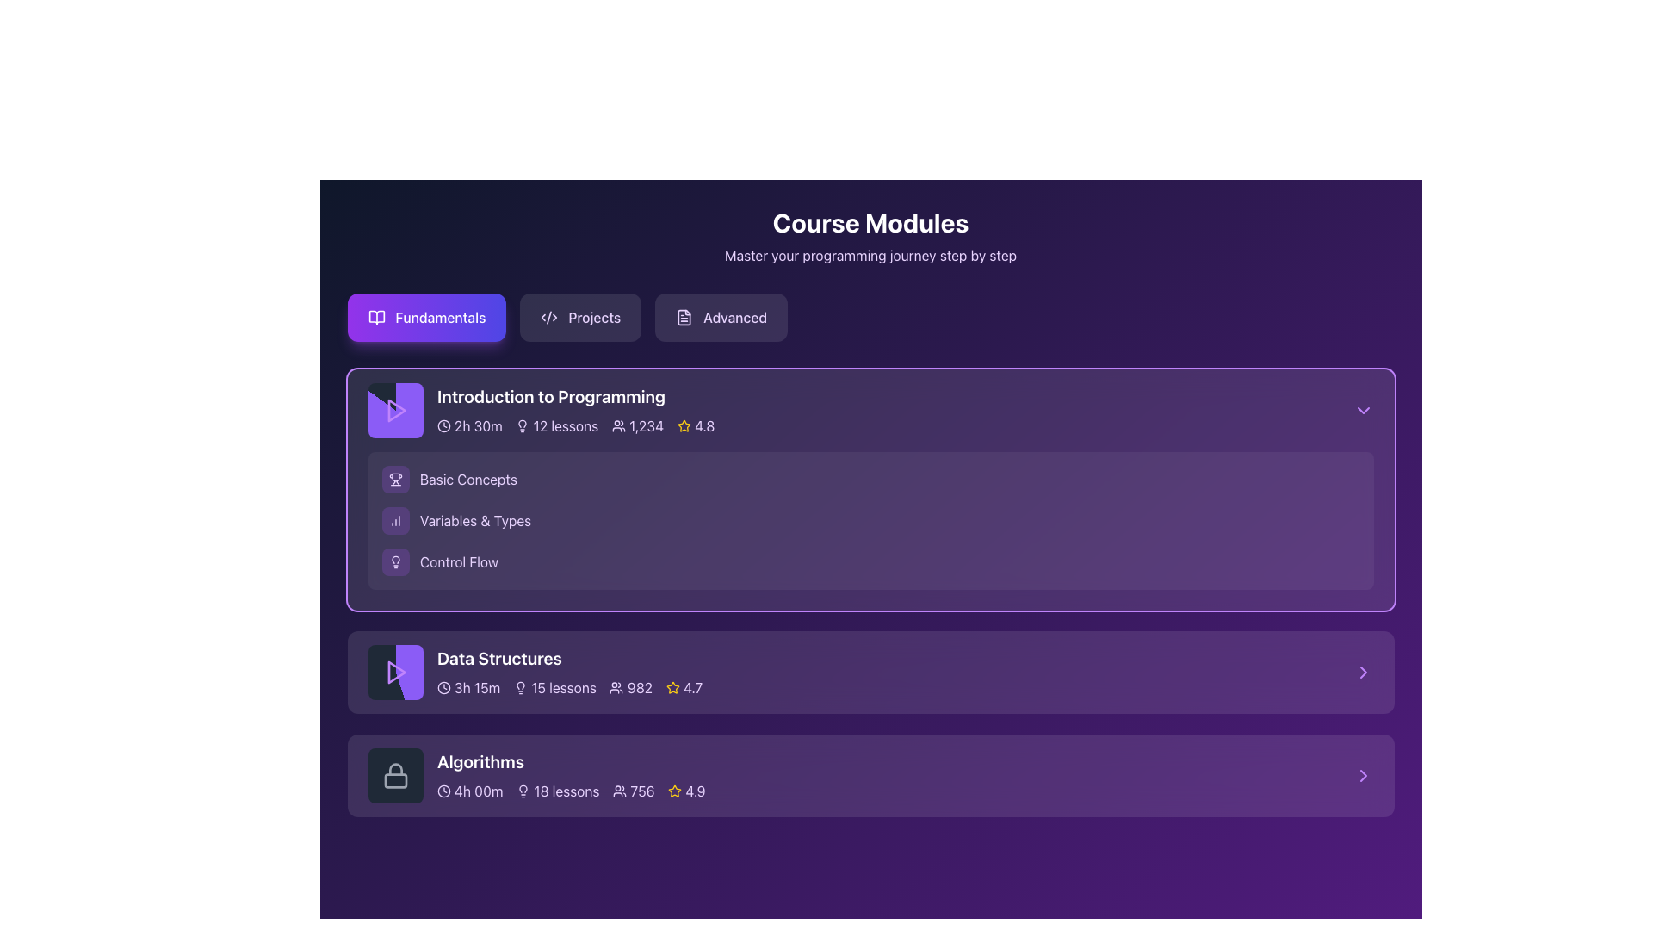  Describe the element at coordinates (443, 425) in the screenshot. I see `the clock icon located to the left of the text '2h 30m' in the course card for 'Introduction to Programming'` at that location.